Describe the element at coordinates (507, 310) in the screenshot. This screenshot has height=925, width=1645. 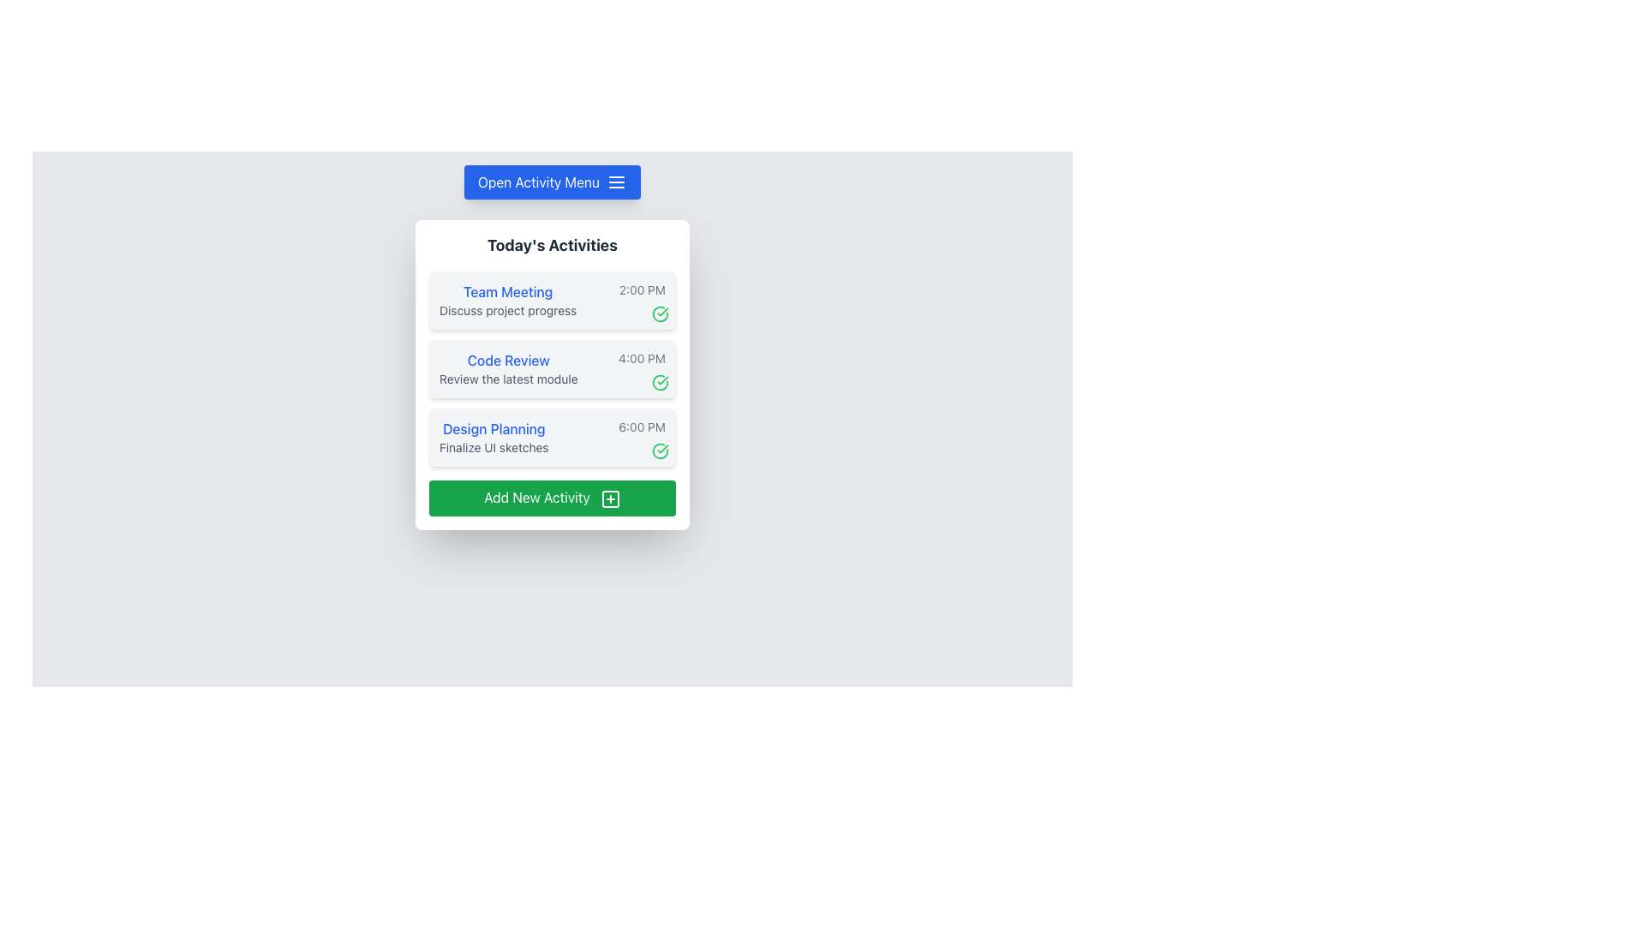
I see `text content of the Text Label displaying 'Discuss project progress', which is styled in a small gray font and positioned below the 'Team Meeting' heading` at that location.